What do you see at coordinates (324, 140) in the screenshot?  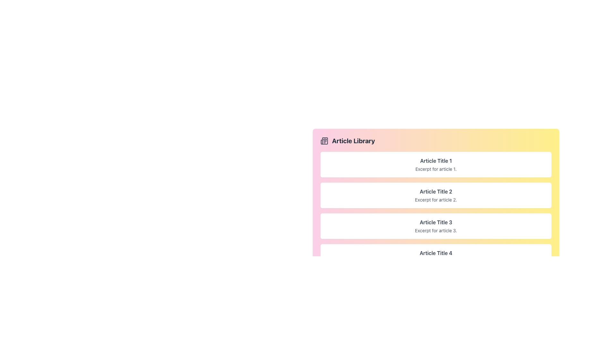 I see `the newspaper icon located to the left of the 'Article Library' text in the header of the section` at bounding box center [324, 140].